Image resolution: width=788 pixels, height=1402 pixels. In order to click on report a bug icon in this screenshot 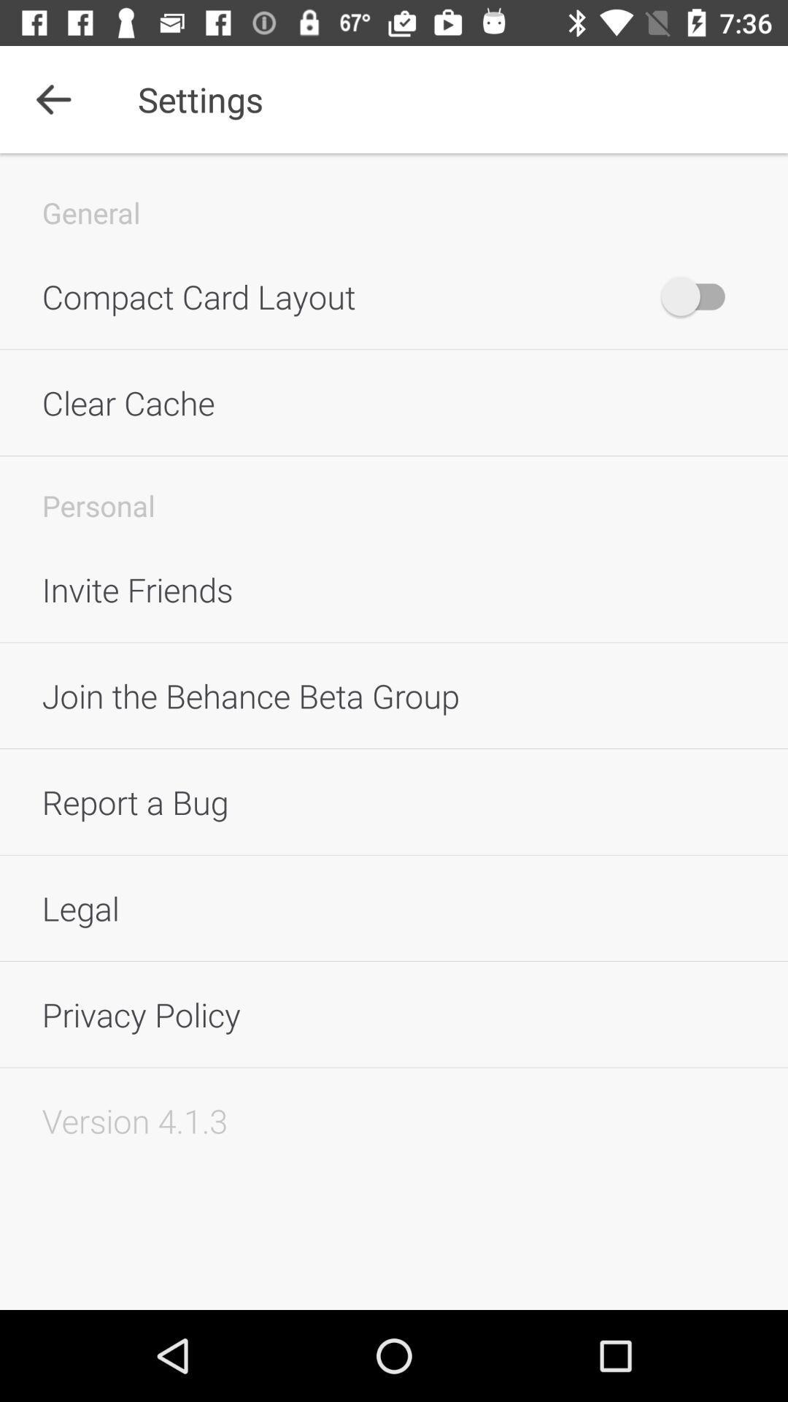, I will do `click(394, 801)`.